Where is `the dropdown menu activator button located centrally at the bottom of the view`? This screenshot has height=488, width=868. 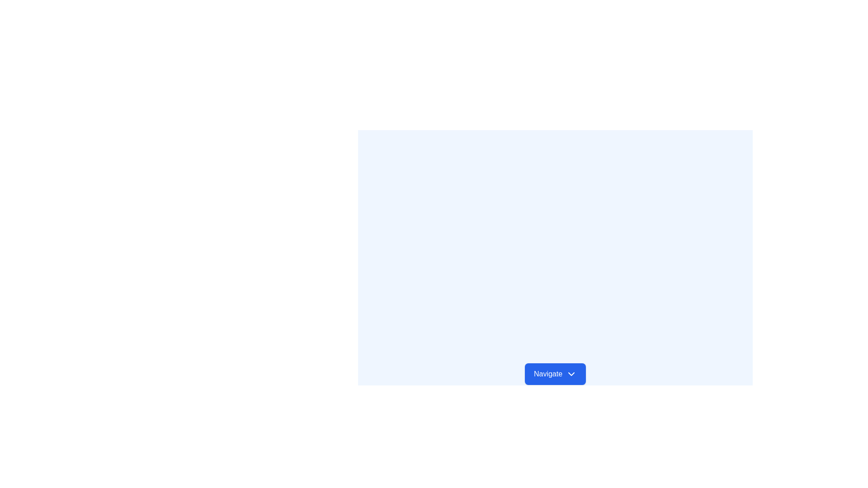
the dropdown menu activator button located centrally at the bottom of the view is located at coordinates (555, 374).